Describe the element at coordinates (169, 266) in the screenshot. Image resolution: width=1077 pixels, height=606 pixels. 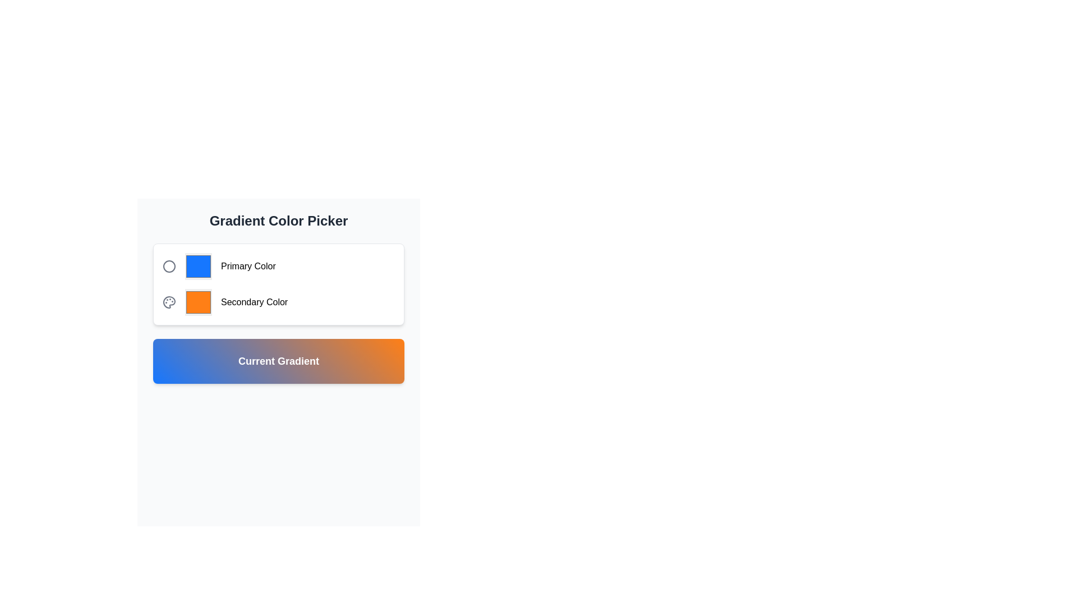
I see `the circular icon with a thin stroke and gray shade located in the upper-left corner of the 'Primary Color' row, adjacent to the blue color preview box` at that location.